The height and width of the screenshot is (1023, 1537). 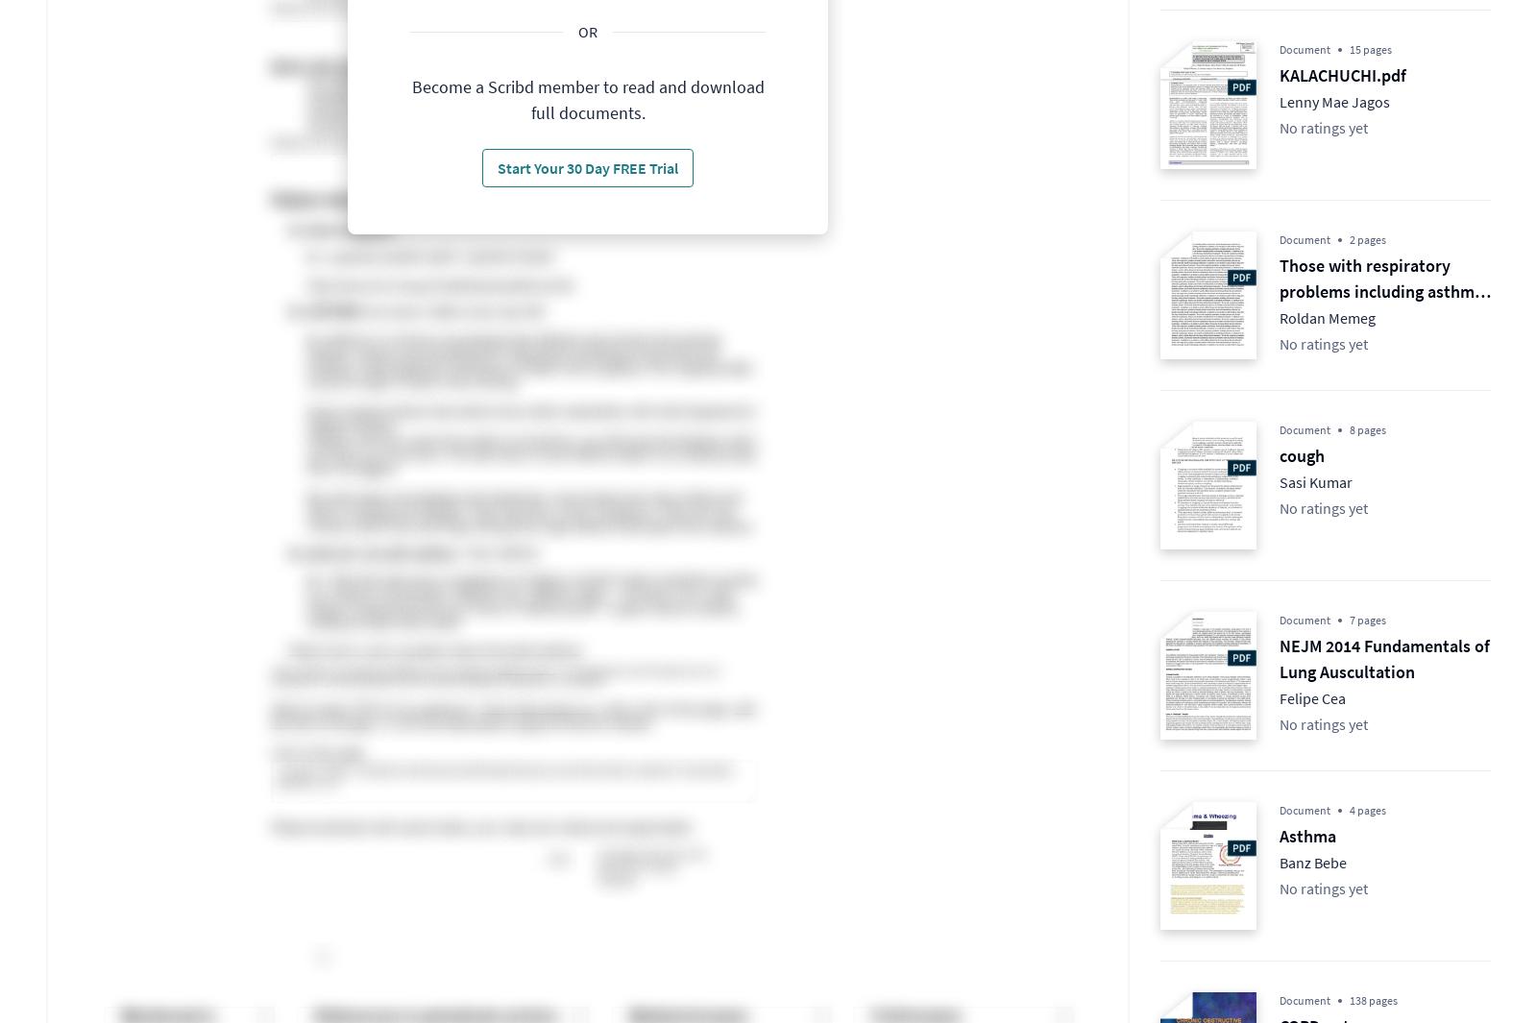 I want to click on 'cough', so click(x=1279, y=454).